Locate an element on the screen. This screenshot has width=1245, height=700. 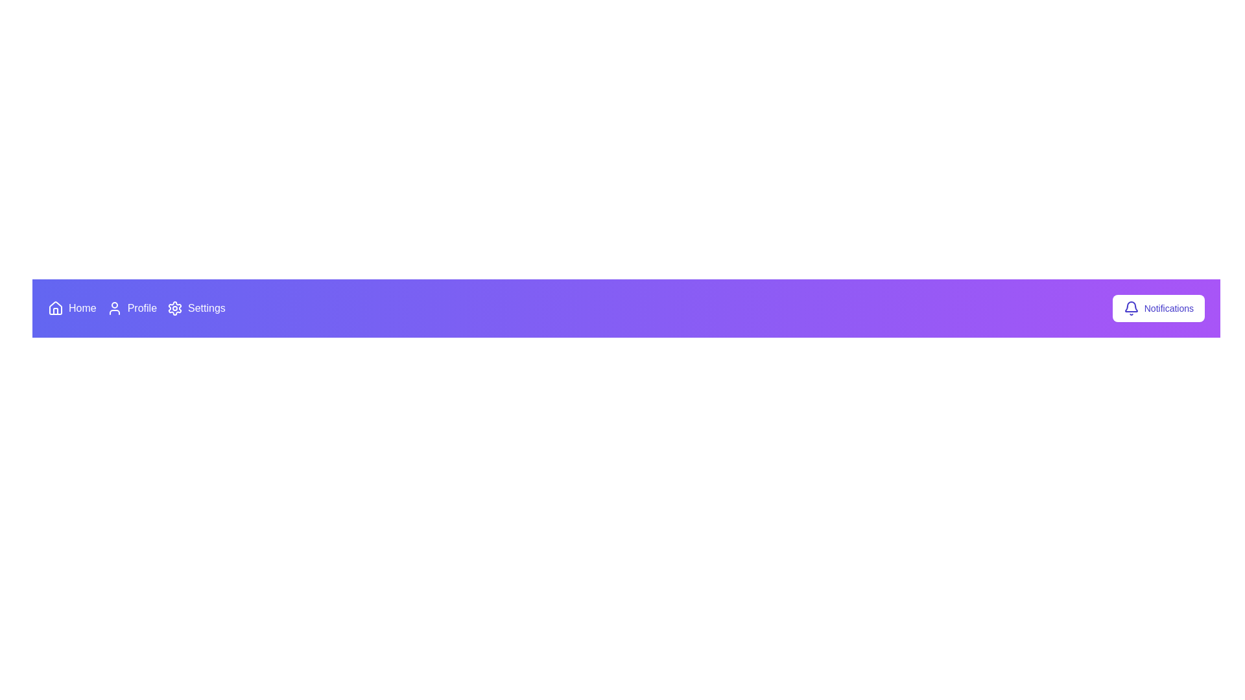
graphical icon element, which is a vertical rectangle tapering towards the middle, located in the lower center of the house icon in the navigation bar is located at coordinates (55, 310).